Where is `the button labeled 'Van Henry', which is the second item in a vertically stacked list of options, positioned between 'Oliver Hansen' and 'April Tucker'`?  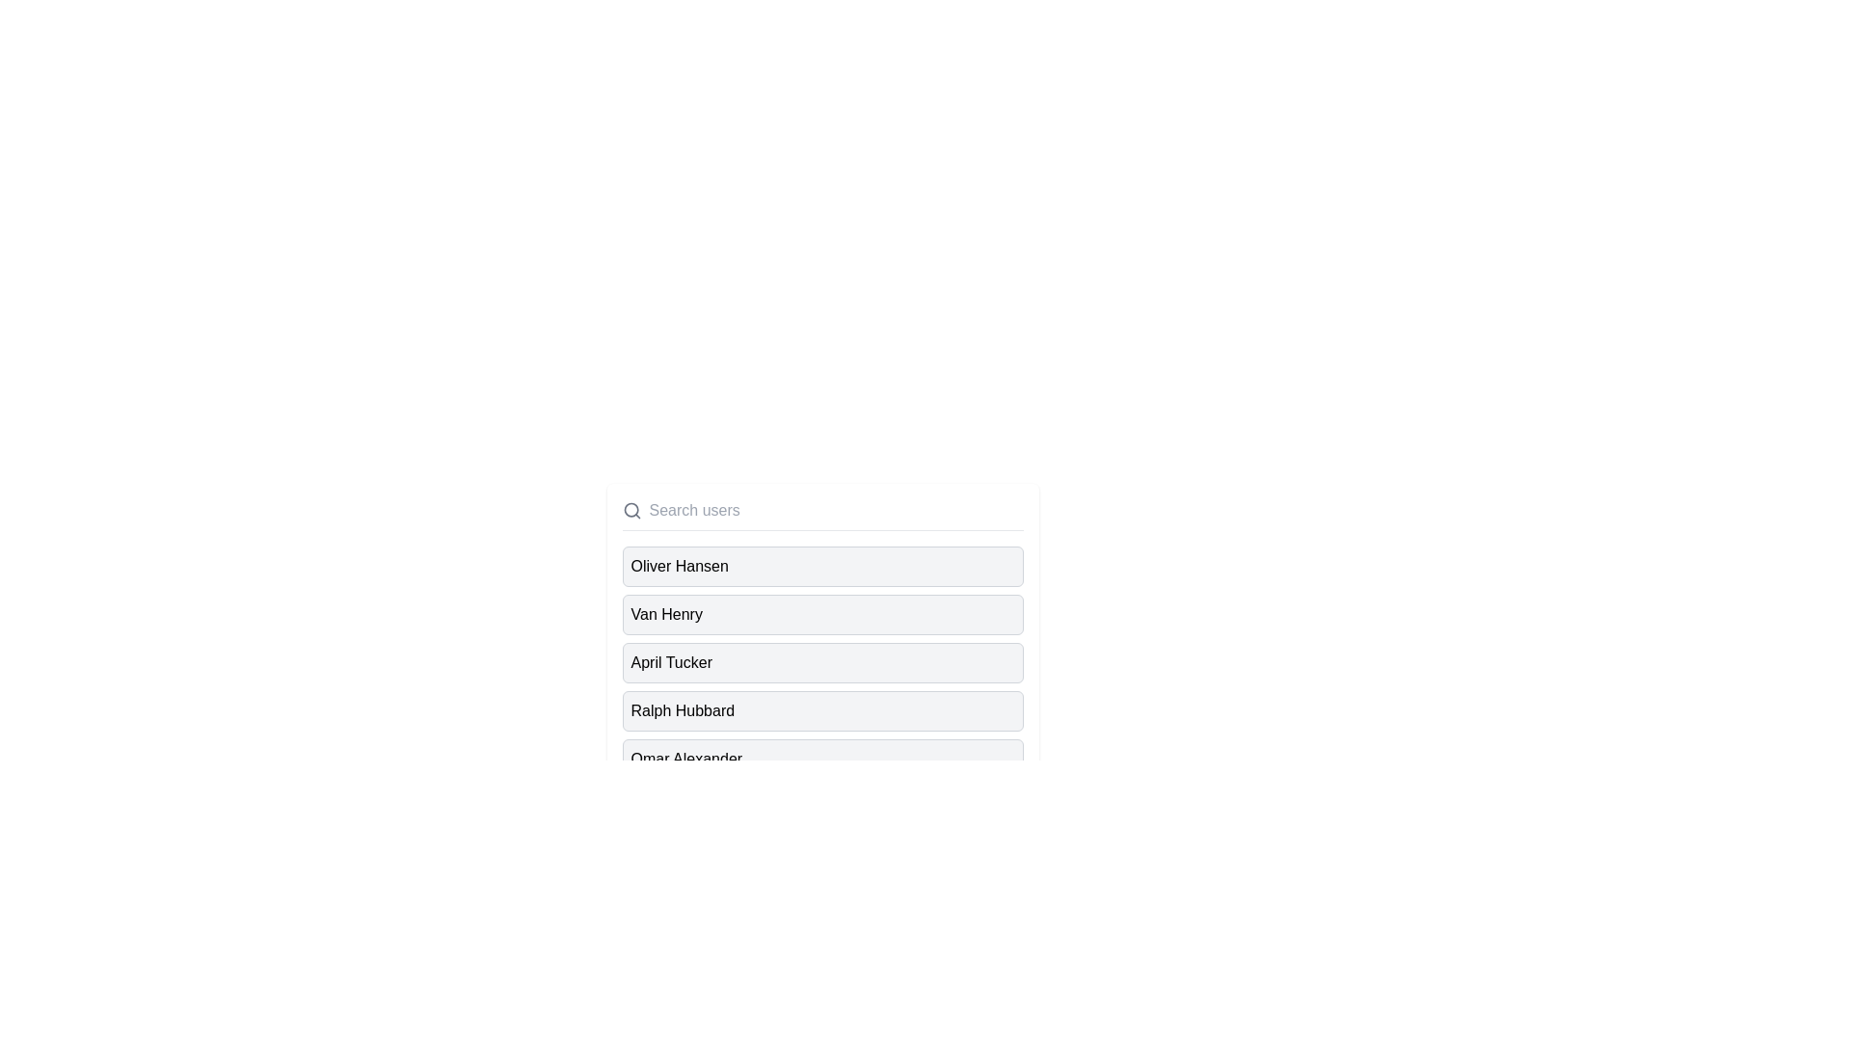 the button labeled 'Van Henry', which is the second item in a vertically stacked list of options, positioned between 'Oliver Hansen' and 'April Tucker' is located at coordinates (822, 614).